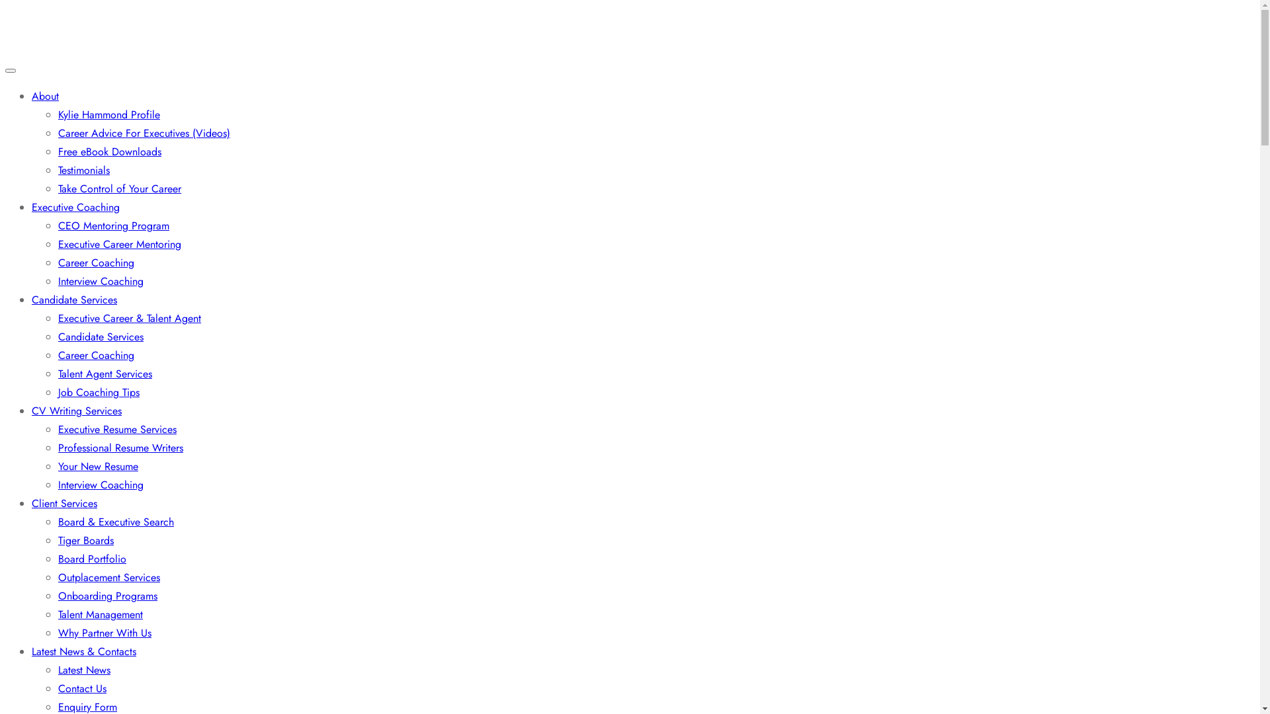  I want to click on 'Candidate Services', so click(100, 336).